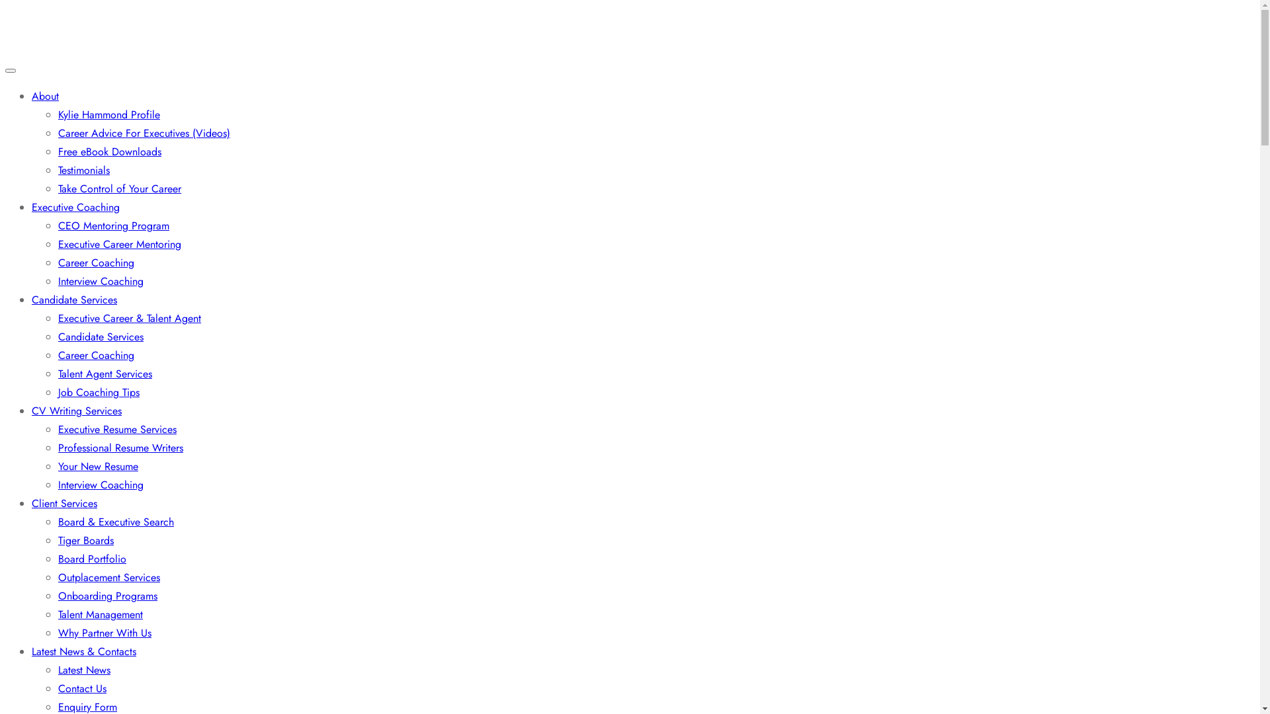  I want to click on 'Candidate Services', so click(100, 336).